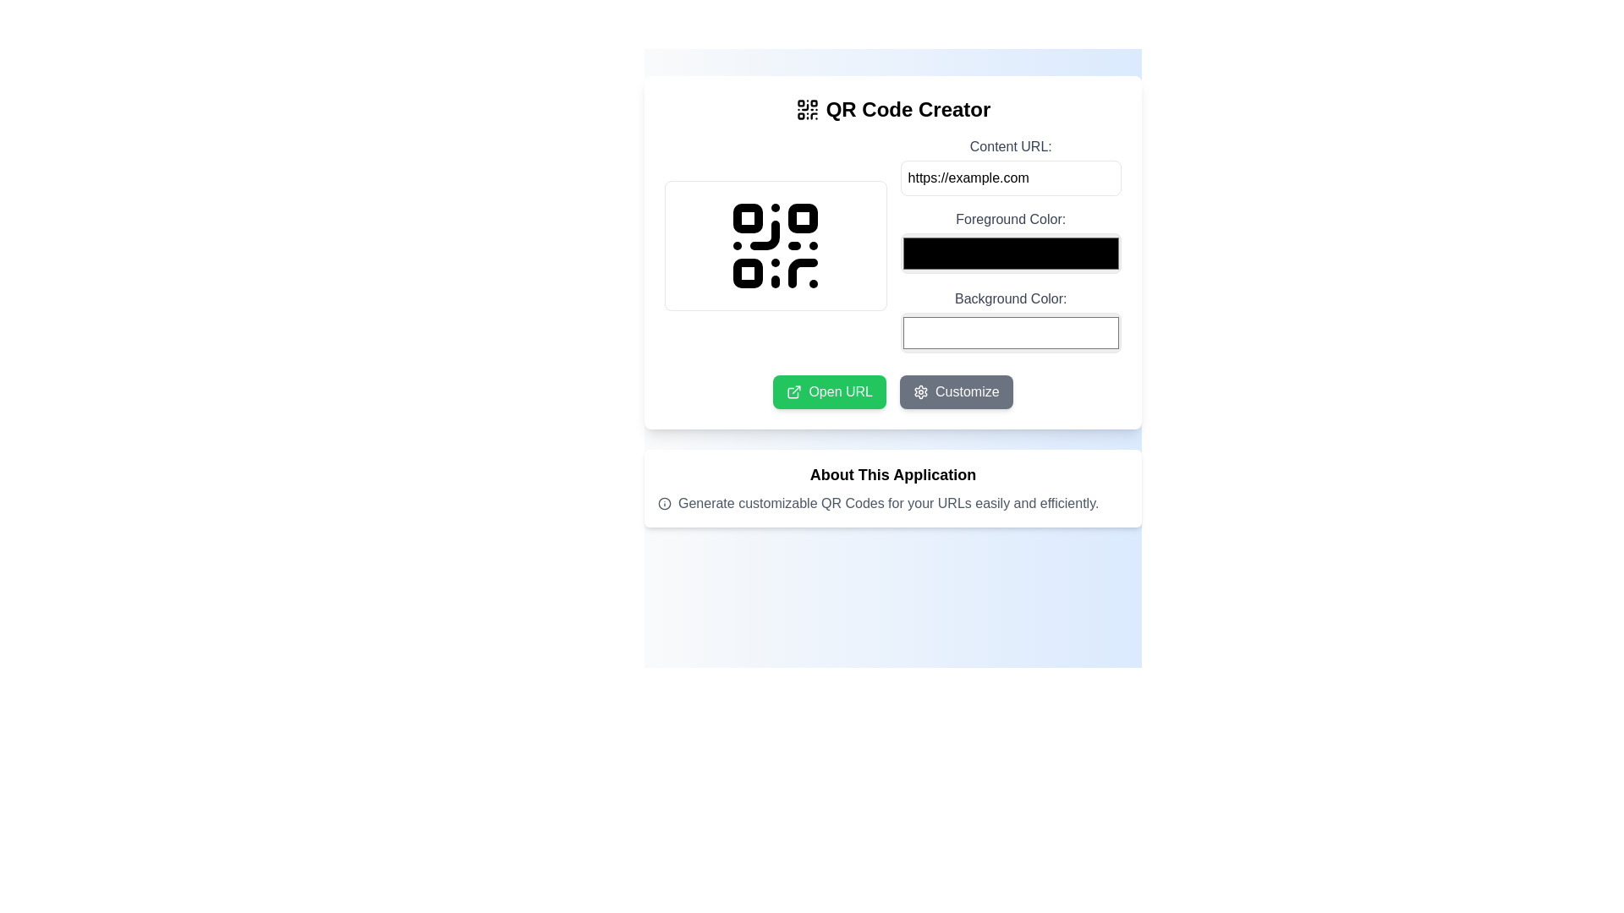 This screenshot has height=913, width=1624. I want to click on the URL input field located in the upper portion of the interface to focus on it, so click(1011, 166).